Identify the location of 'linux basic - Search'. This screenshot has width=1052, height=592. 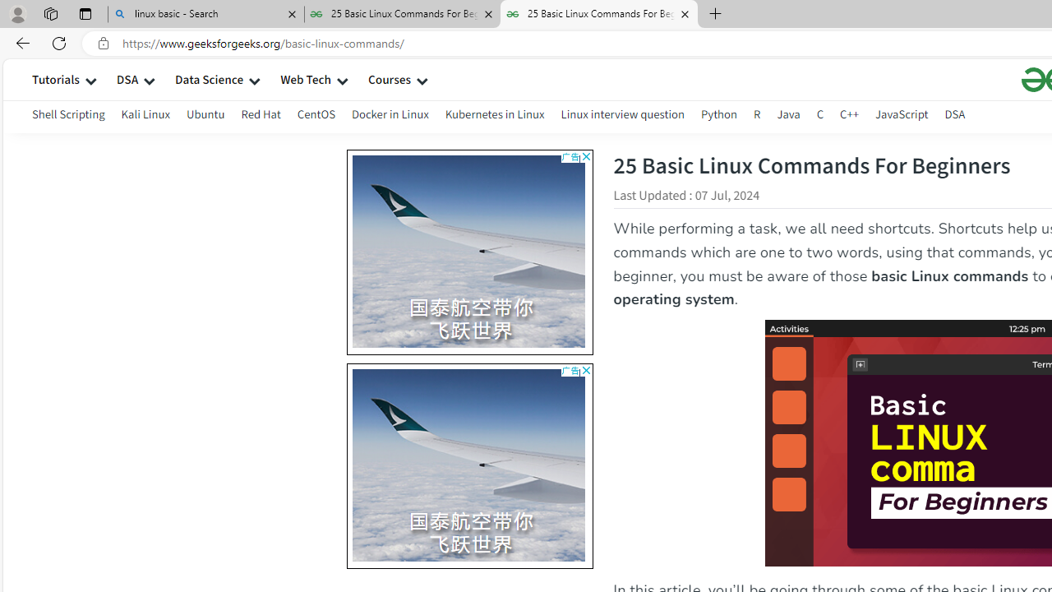
(205, 14).